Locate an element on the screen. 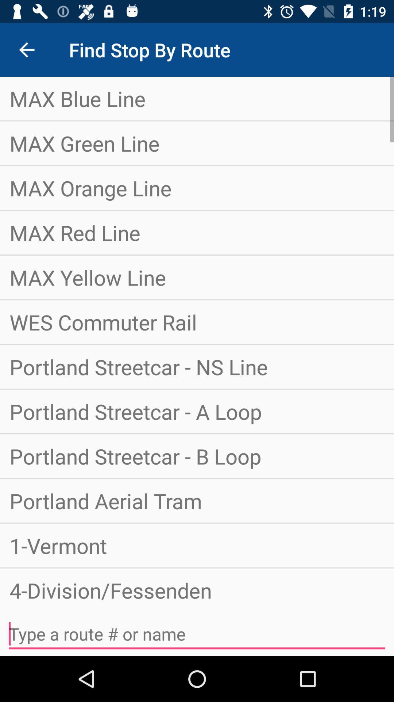 This screenshot has width=394, height=702. item below portland aerial tram is located at coordinates (197, 546).